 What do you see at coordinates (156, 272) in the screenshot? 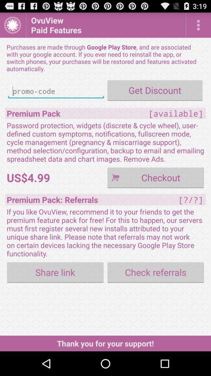
I see `the button at the bottom right corner` at bounding box center [156, 272].